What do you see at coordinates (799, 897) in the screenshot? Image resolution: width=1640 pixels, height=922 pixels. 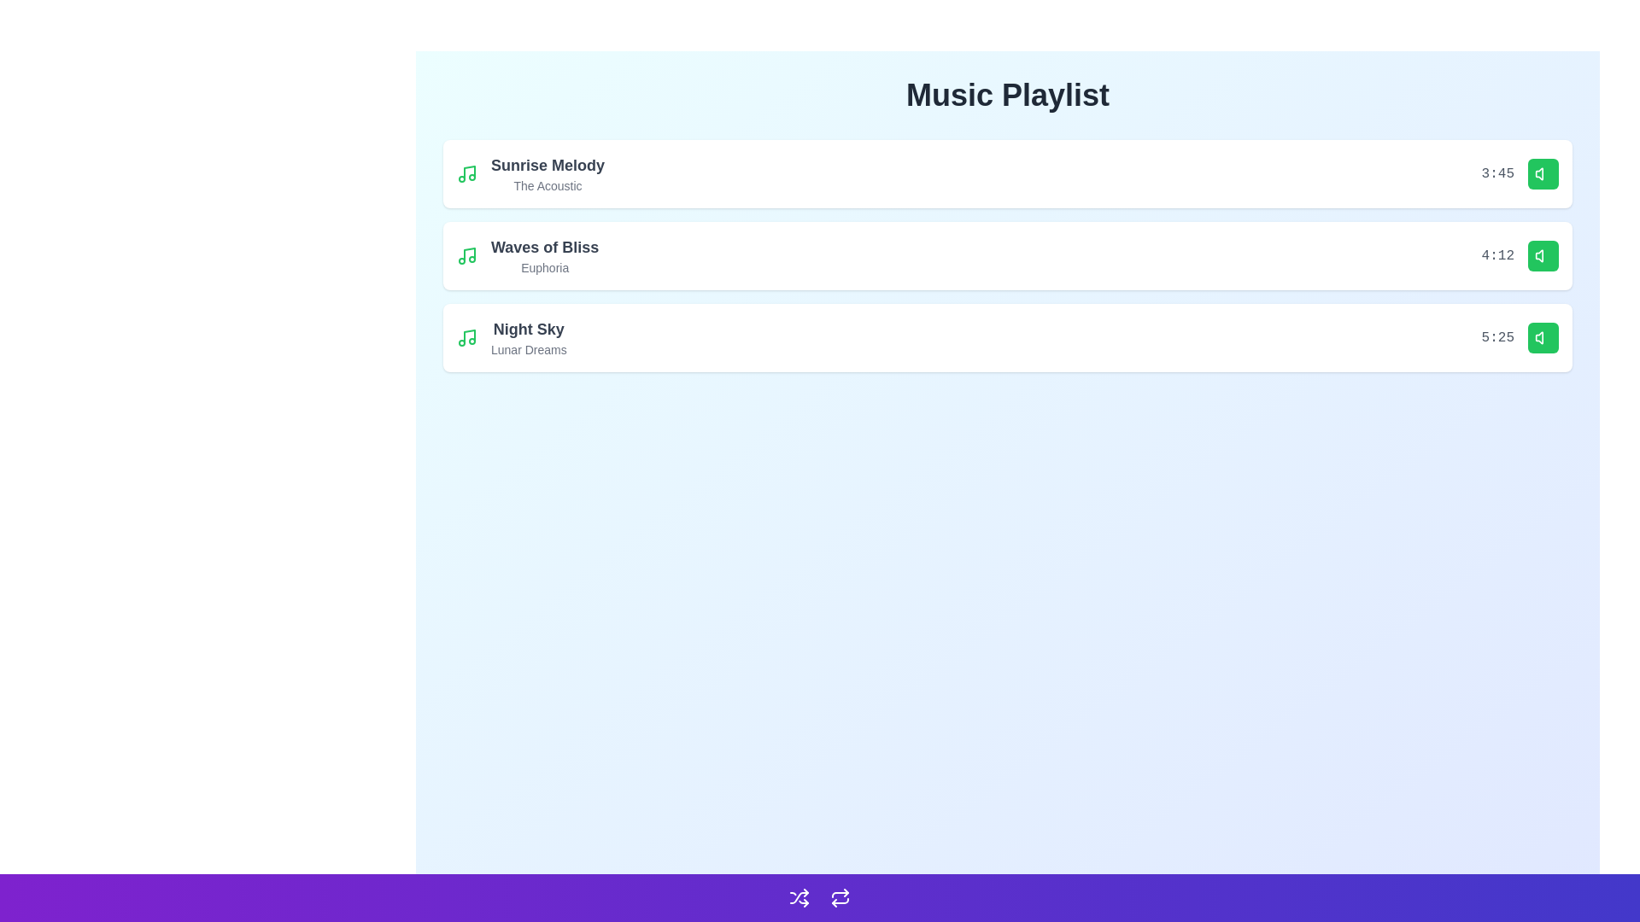 I see `the shuffle button located in the footer area` at bounding box center [799, 897].